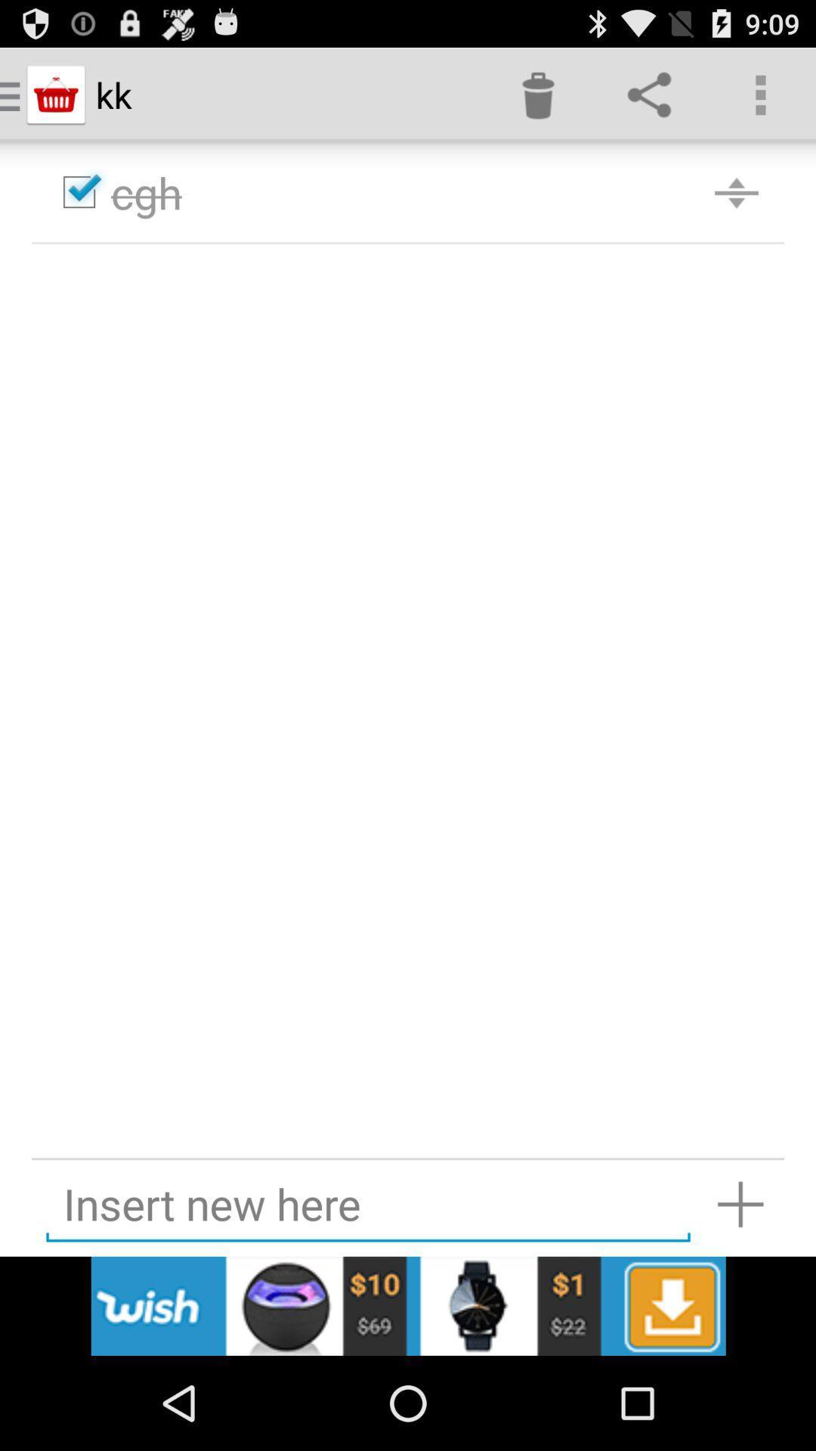 This screenshot has height=1451, width=816. Describe the element at coordinates (368, 1203) in the screenshot. I see `textbox` at that location.